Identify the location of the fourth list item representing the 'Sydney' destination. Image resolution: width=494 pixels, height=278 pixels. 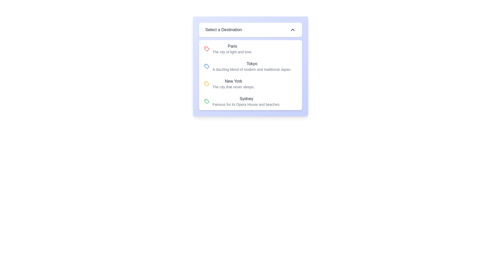
(251, 101).